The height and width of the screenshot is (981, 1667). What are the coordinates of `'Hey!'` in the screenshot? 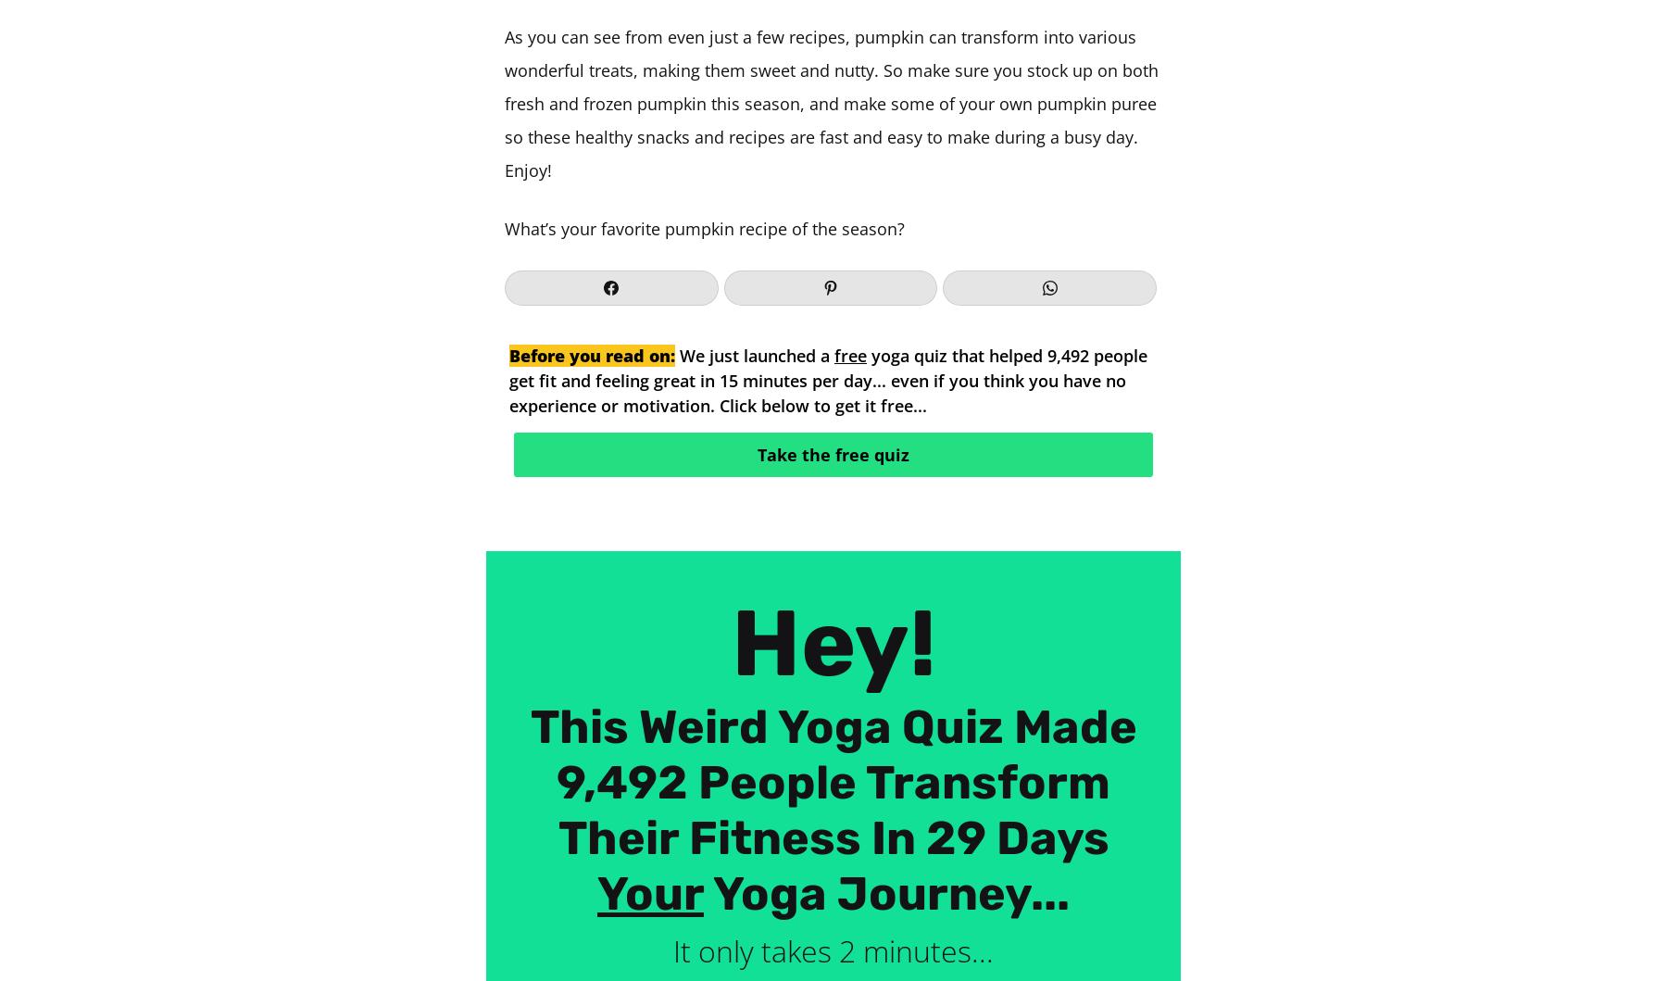 It's located at (833, 643).